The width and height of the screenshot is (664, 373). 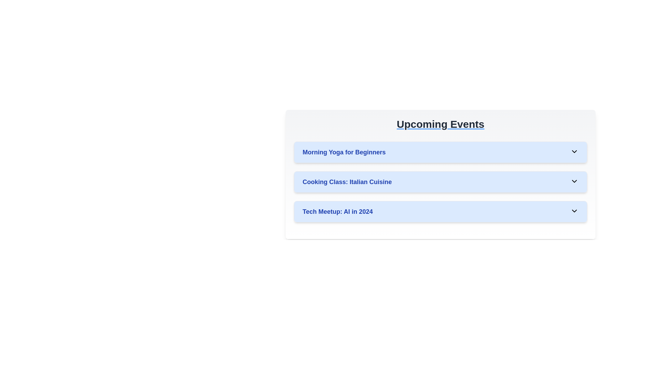 I want to click on the text label that serves as the title or heading for the events section, providing immediate understanding of the content displayed below, so click(x=440, y=123).